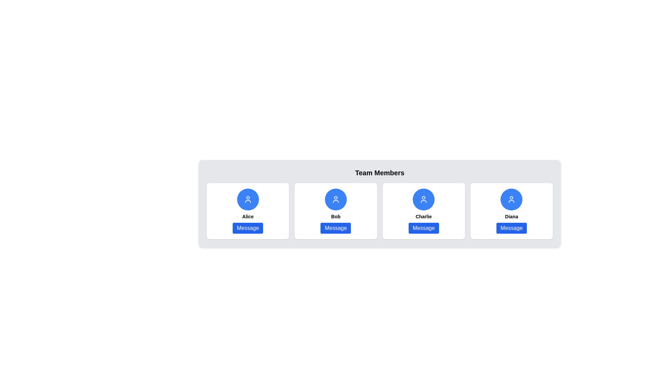 This screenshot has width=656, height=369. I want to click on the static text label that displays 'Alice', which is located below a user profile icon and above a 'Message' button, part of a user-related component group, so click(247, 216).